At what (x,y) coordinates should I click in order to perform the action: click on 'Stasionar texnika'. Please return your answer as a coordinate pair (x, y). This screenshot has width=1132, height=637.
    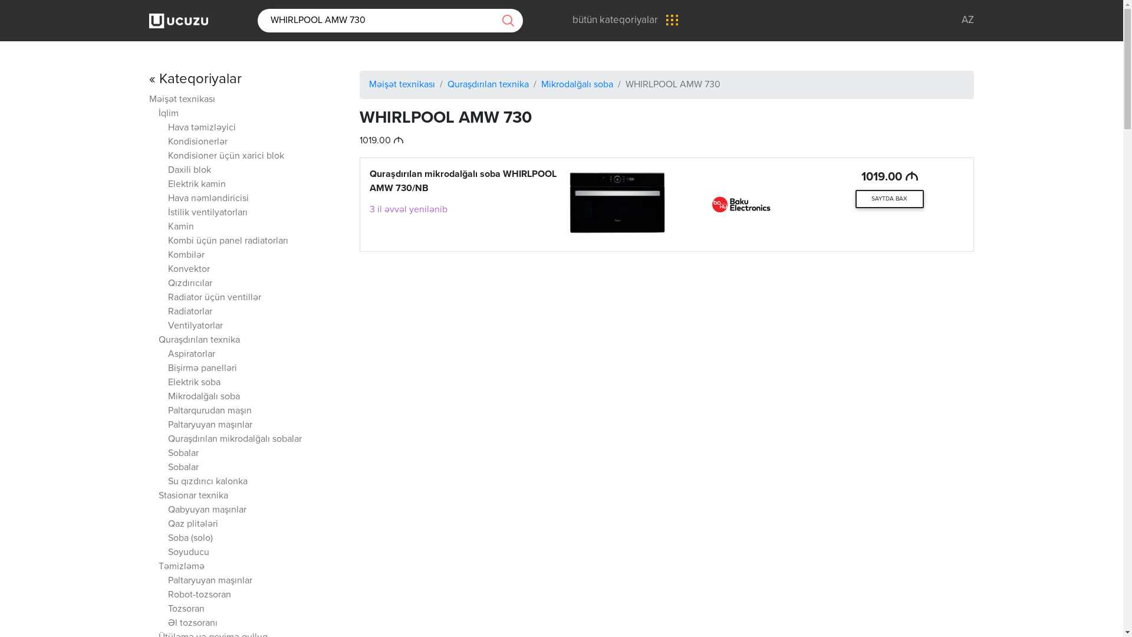
    Looking at the image, I should click on (193, 496).